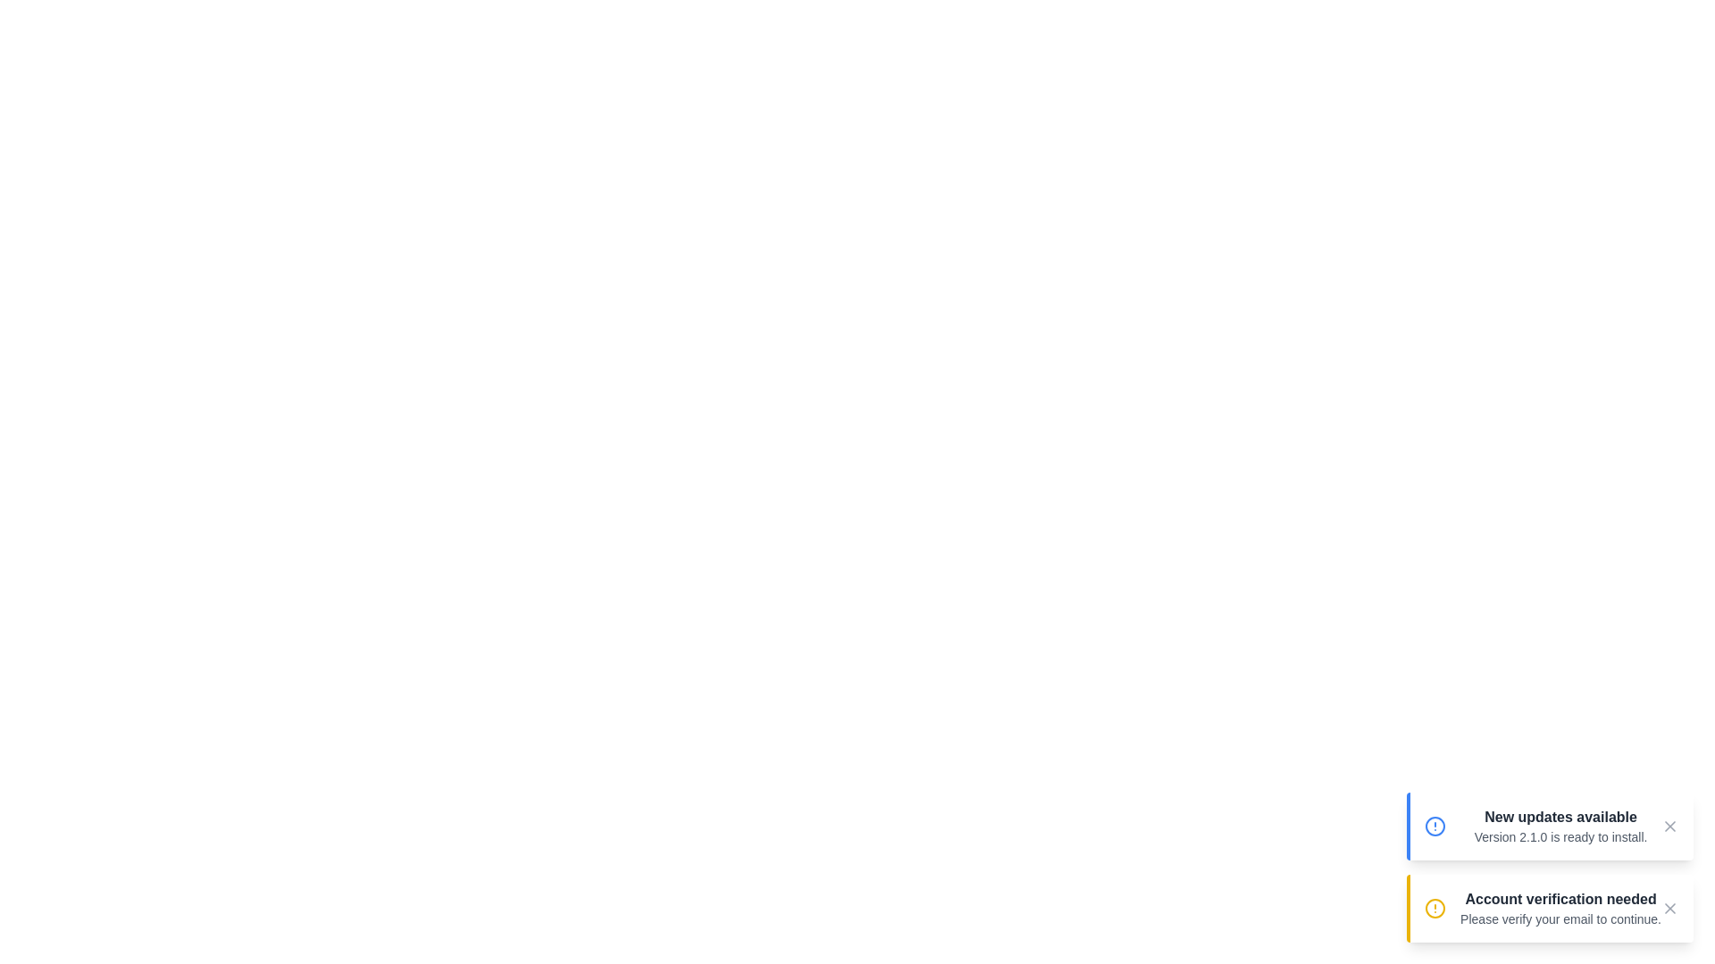  What do you see at coordinates (1435, 826) in the screenshot?
I see `the notification icon corresponding to info` at bounding box center [1435, 826].